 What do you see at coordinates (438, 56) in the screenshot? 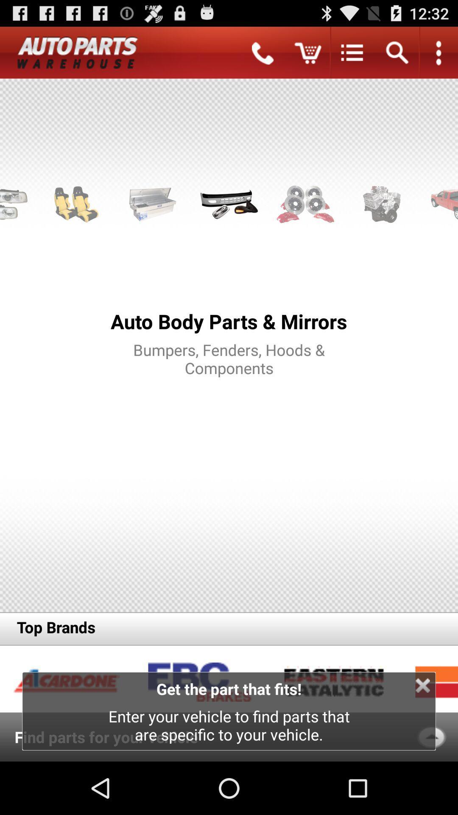
I see `the more icon` at bounding box center [438, 56].